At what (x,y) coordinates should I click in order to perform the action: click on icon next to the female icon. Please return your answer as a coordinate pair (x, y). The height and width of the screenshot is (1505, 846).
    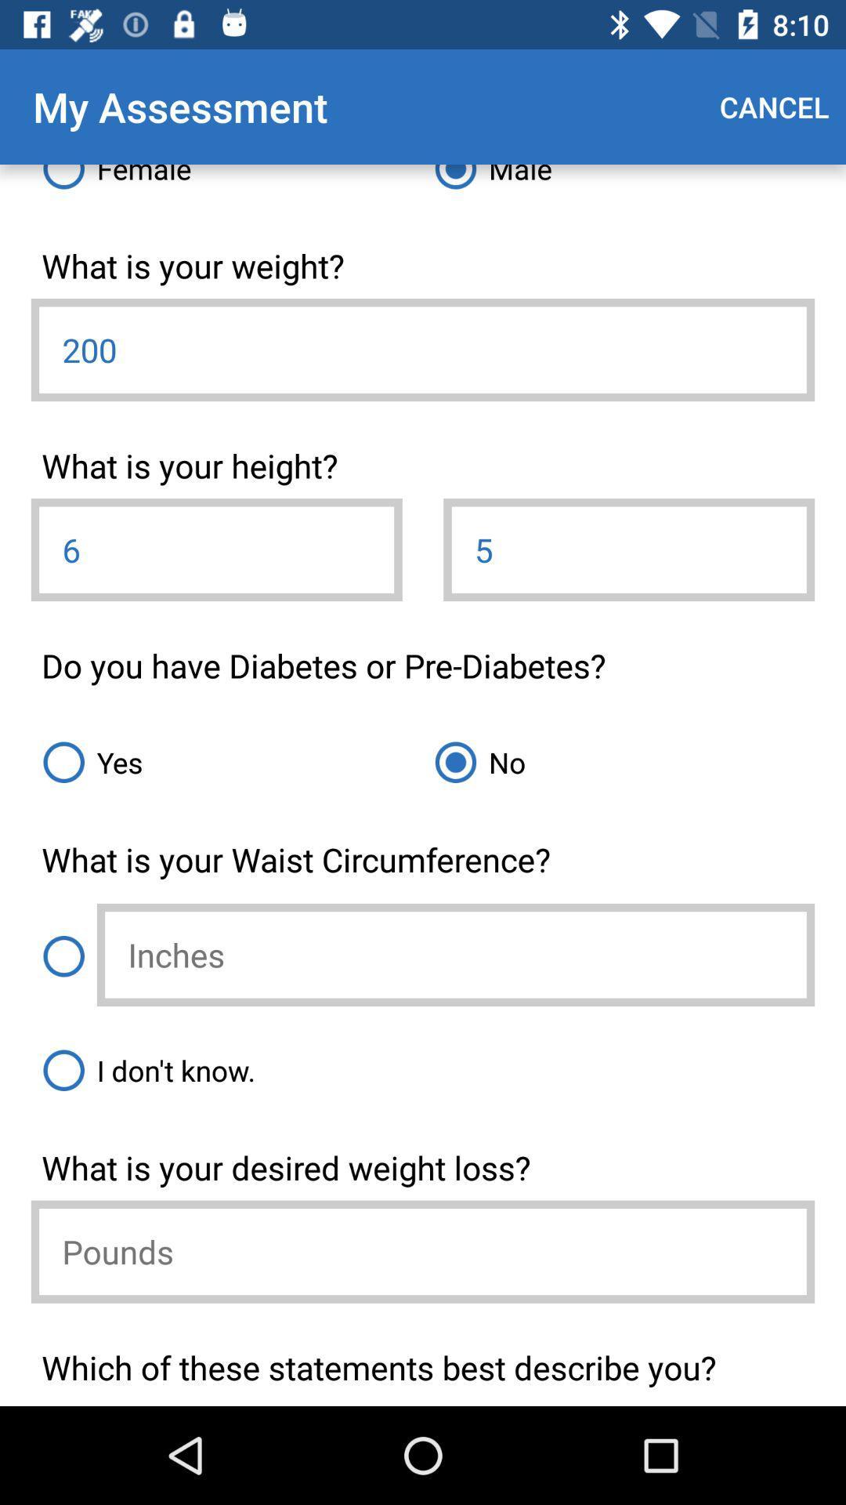
    Looking at the image, I should click on (618, 183).